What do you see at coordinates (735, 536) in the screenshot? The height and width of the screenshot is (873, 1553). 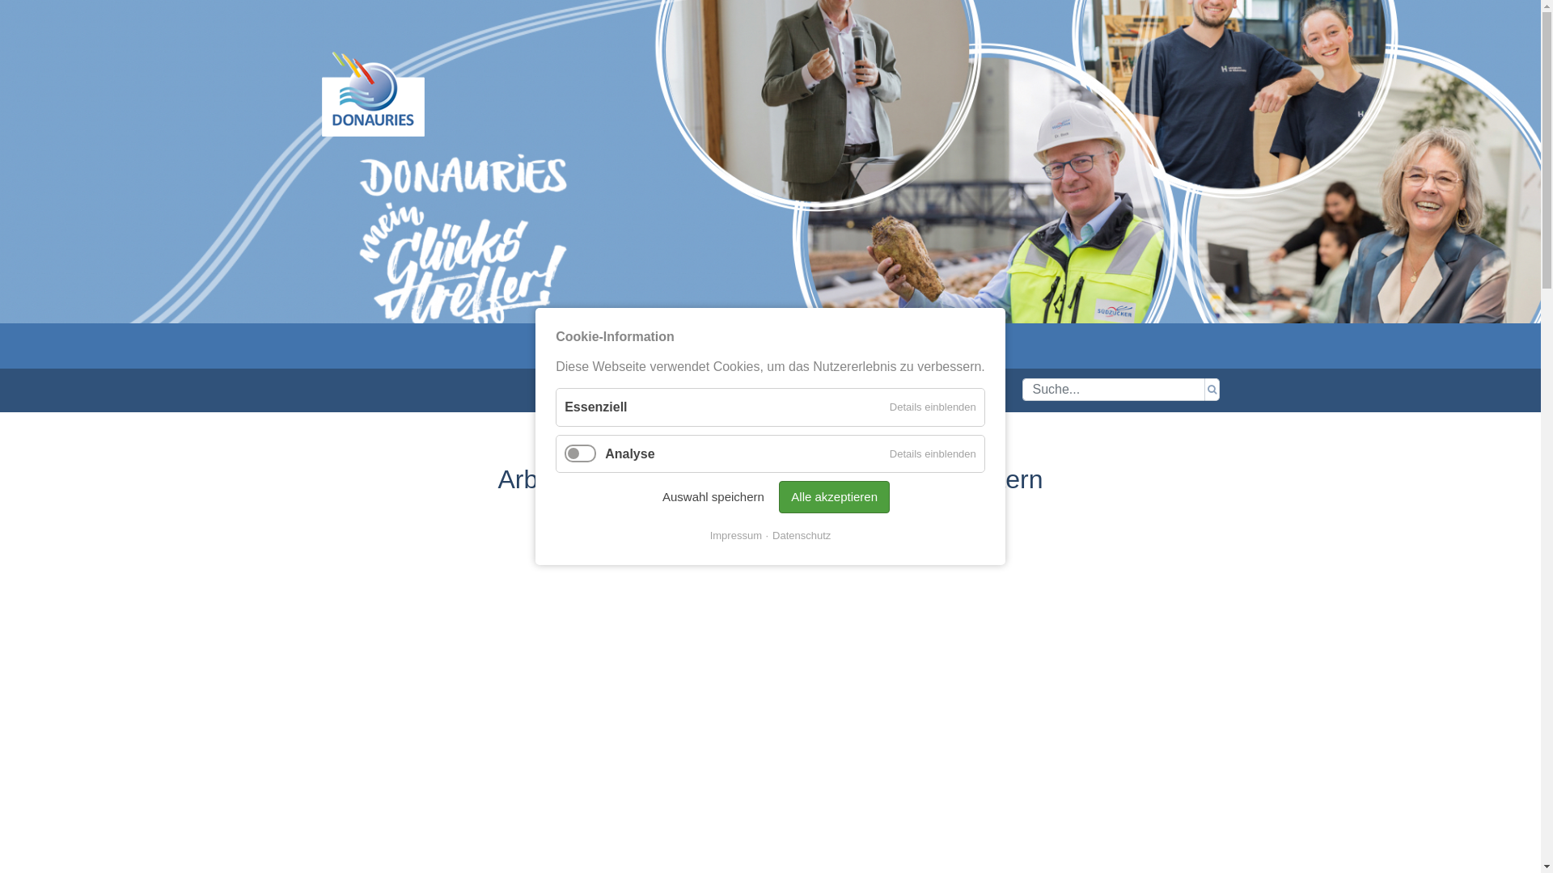 I see `'Impressum'` at bounding box center [735, 536].